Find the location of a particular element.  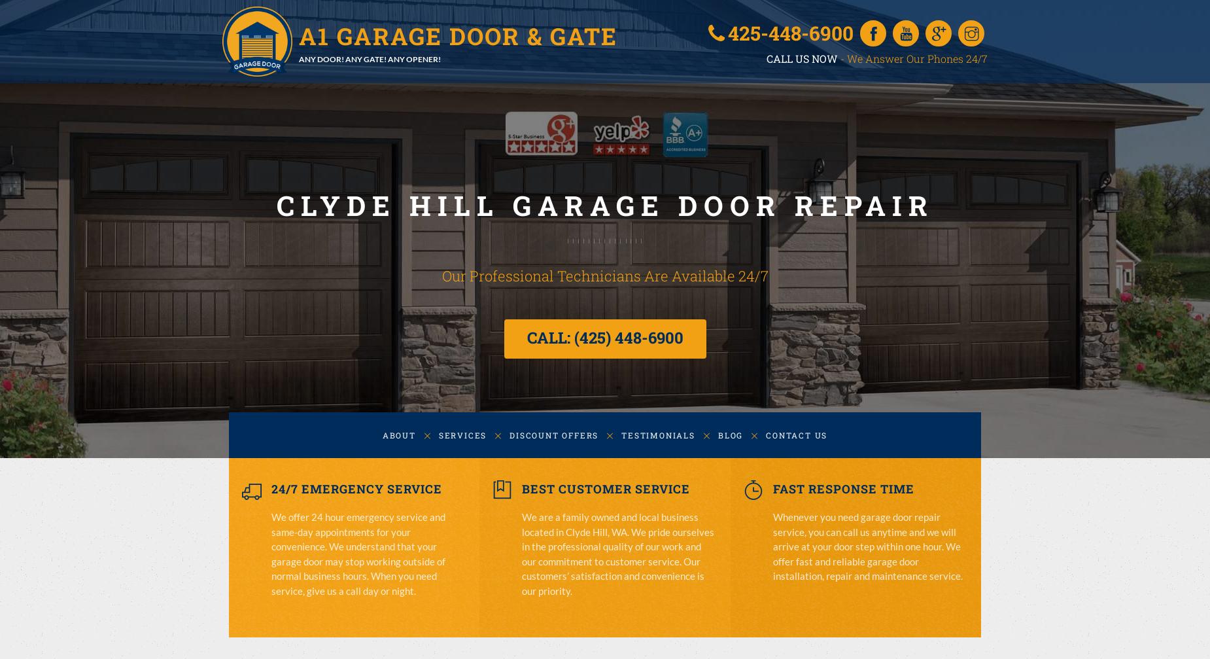

'425-448-6900' is located at coordinates (789, 32).